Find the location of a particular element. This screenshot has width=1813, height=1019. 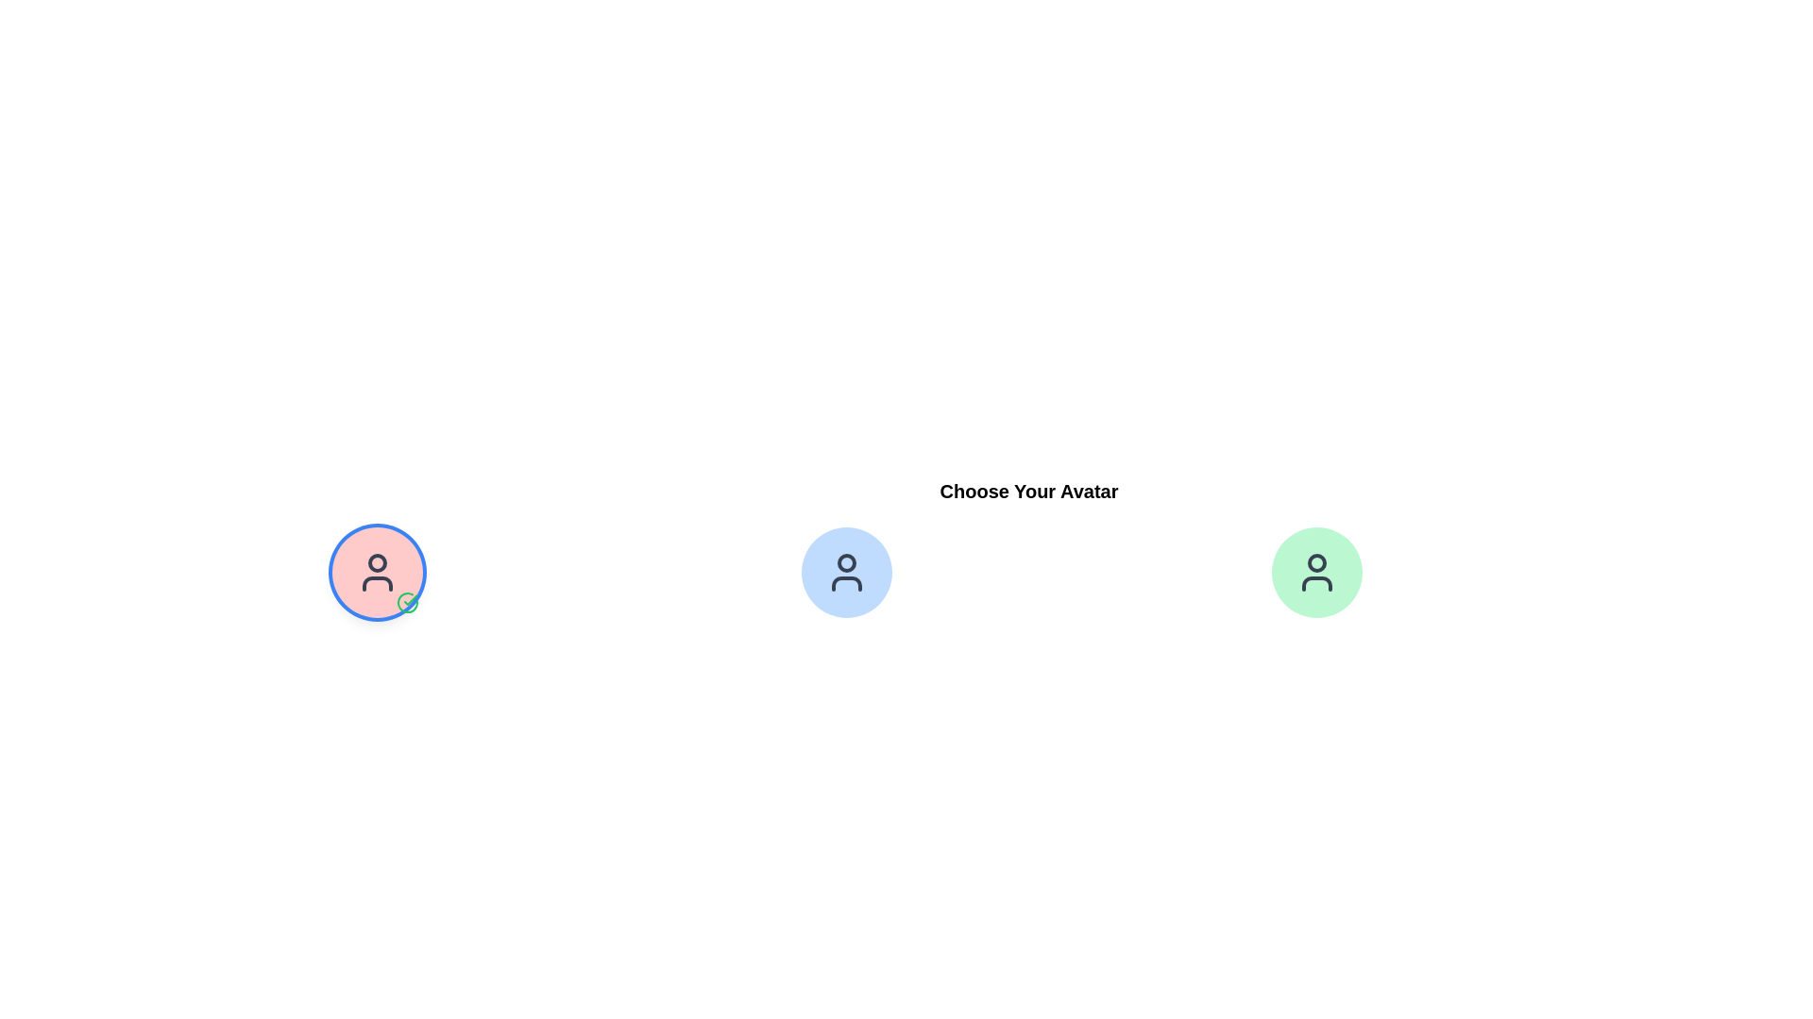

the user profile icon, which is the middle option among three avatar choices displayed in a horizontal row is located at coordinates (846, 571).